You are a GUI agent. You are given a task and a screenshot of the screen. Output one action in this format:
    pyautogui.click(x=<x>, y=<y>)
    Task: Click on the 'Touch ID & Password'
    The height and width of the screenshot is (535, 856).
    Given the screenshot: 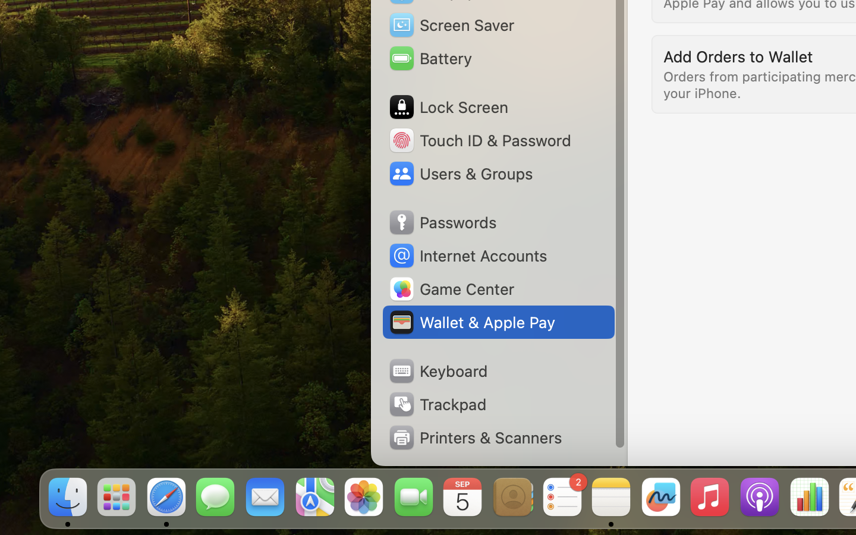 What is the action you would take?
    pyautogui.click(x=479, y=139)
    